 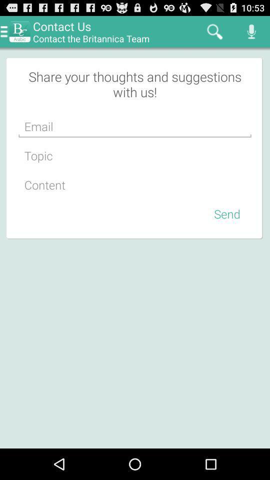 What do you see at coordinates (135, 126) in the screenshot?
I see `type email` at bounding box center [135, 126].